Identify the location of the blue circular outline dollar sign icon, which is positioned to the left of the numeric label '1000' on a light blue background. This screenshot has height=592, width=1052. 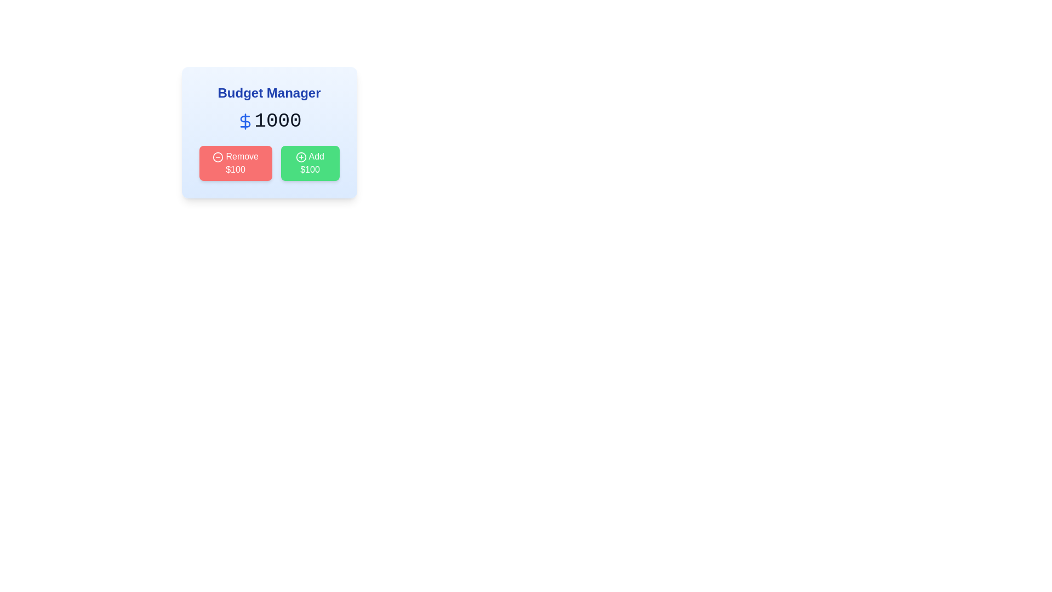
(245, 122).